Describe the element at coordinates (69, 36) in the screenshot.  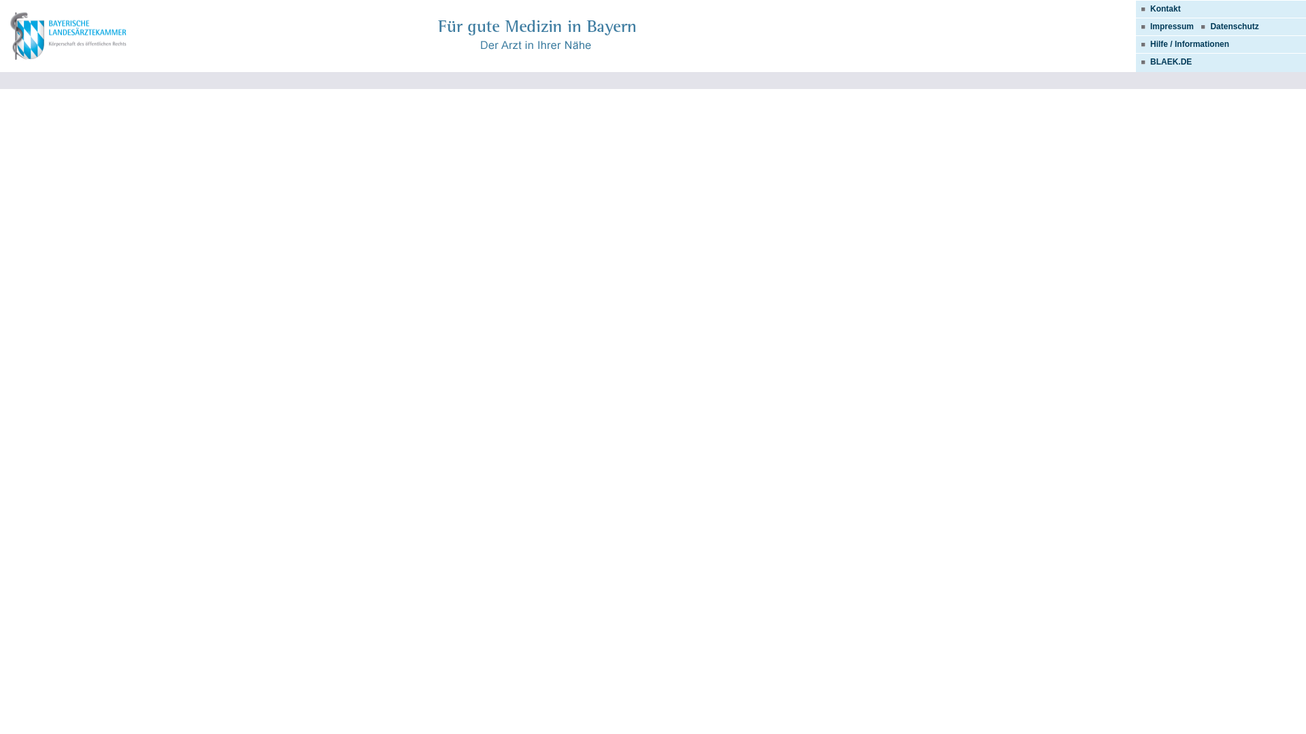
I see `'Arztsuche'` at that location.